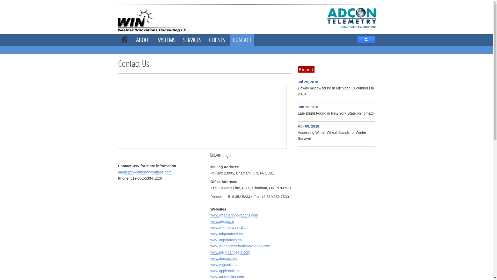 Image resolution: width=497 pixels, height=280 pixels. I want to click on 'www.mbpotatoes.ca', so click(226, 234).